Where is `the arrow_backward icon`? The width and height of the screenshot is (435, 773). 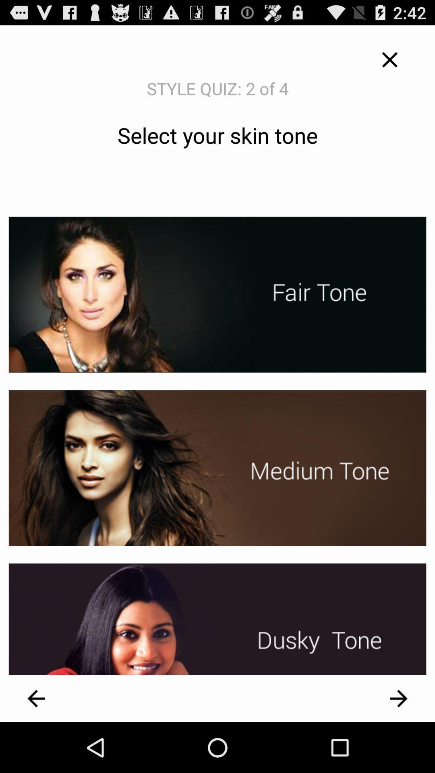
the arrow_backward icon is located at coordinates (35, 747).